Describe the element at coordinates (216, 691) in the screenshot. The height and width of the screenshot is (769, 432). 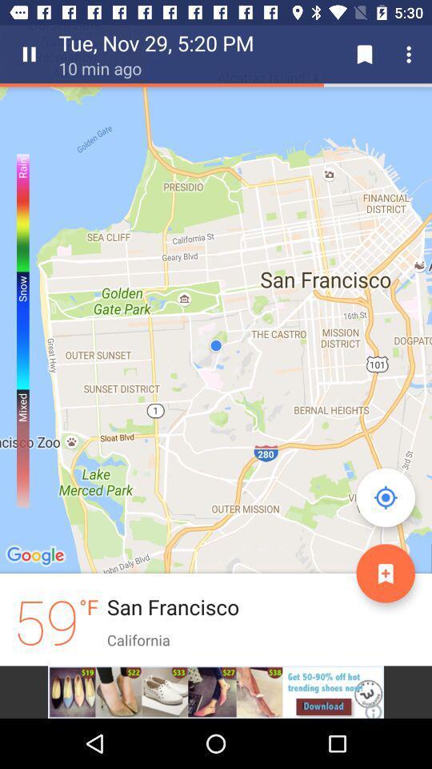
I see `open advertisement` at that location.